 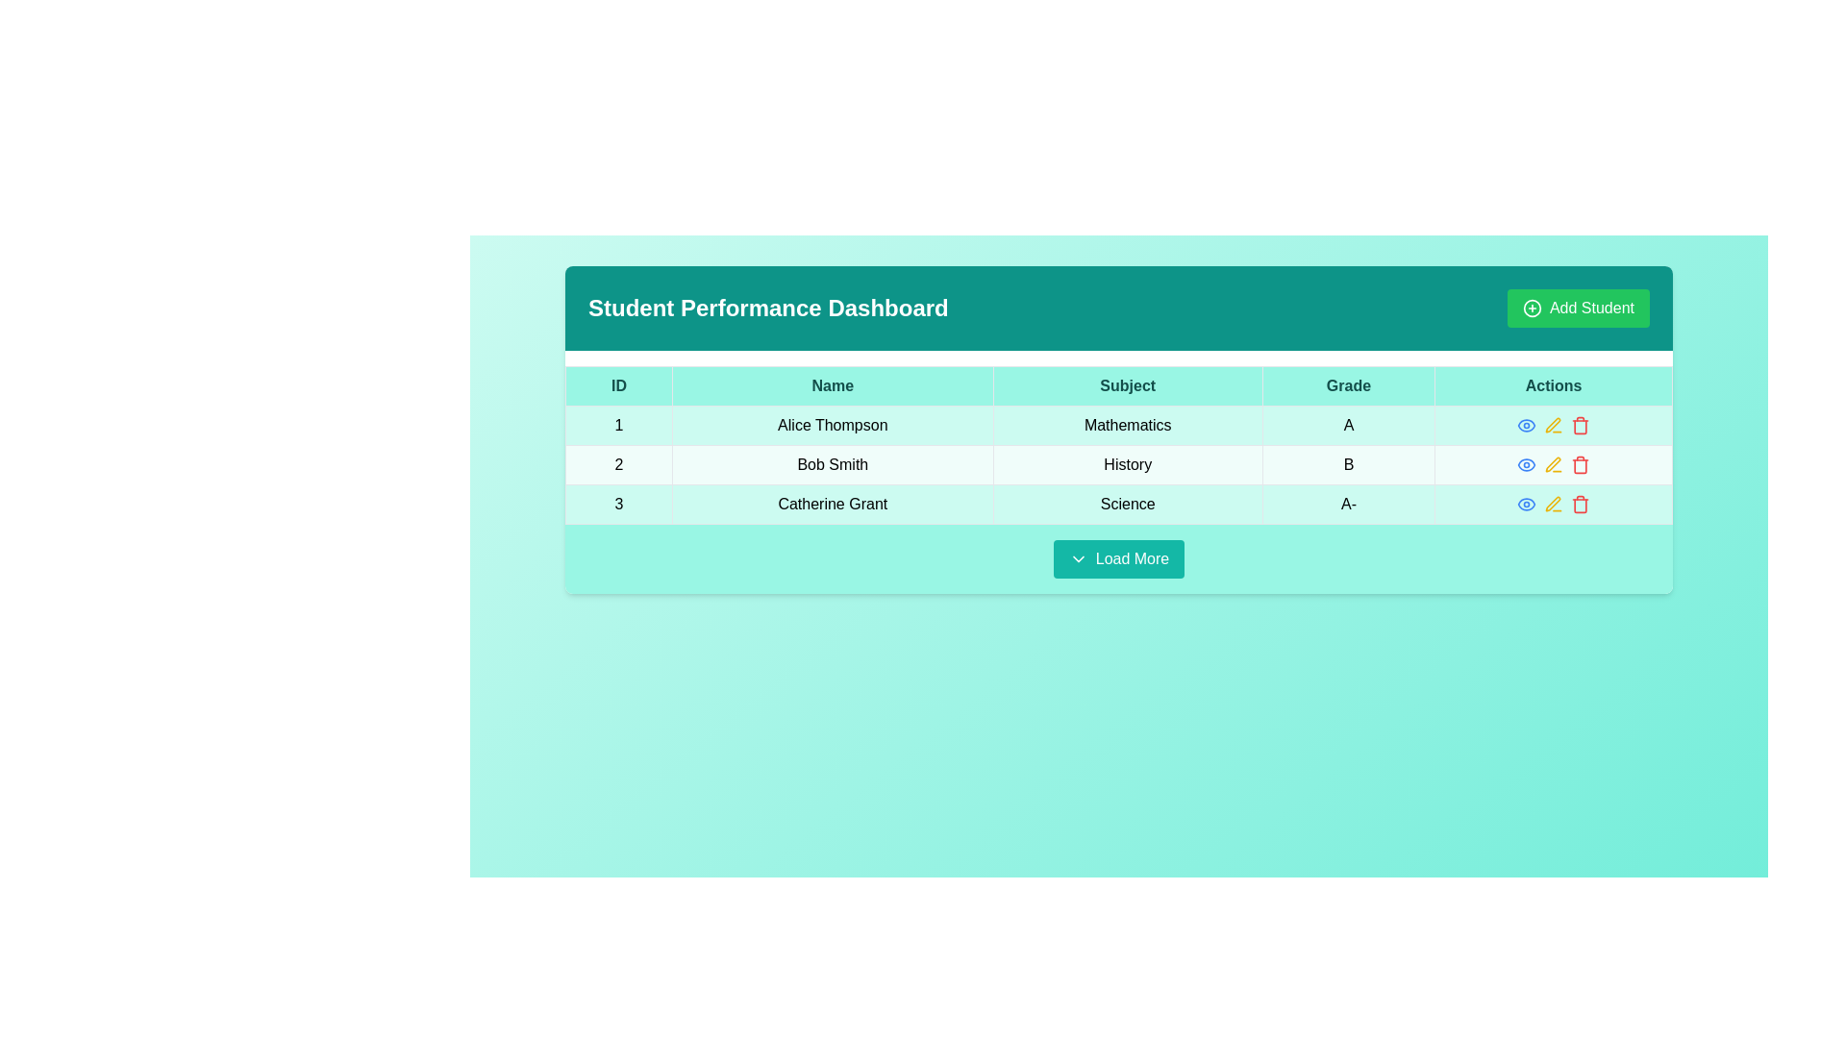 I want to click on the edit icon in the 'Actions' column of the third row for 'Catherine Grant' to initiate editing, so click(x=1554, y=503).